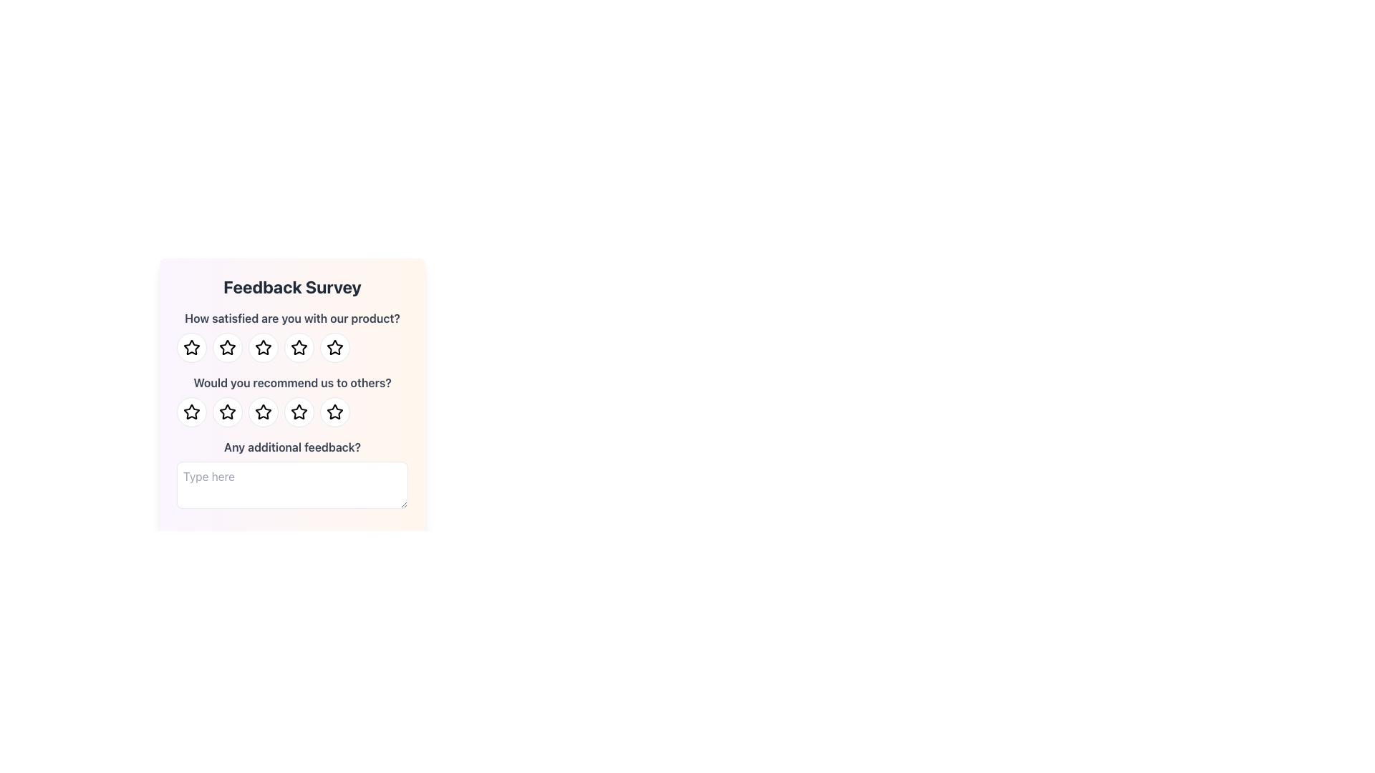  What do you see at coordinates (291, 348) in the screenshot?
I see `the fourth star in the Rating Star component, which is part of a feedback survey interface located under the text 'How satisfied are you with our product?'` at bounding box center [291, 348].